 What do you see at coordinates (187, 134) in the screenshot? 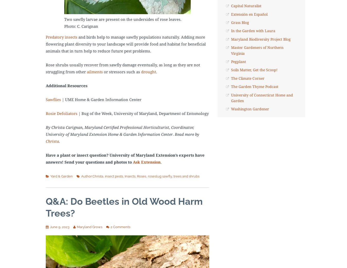
I see `'Read more by'` at bounding box center [187, 134].